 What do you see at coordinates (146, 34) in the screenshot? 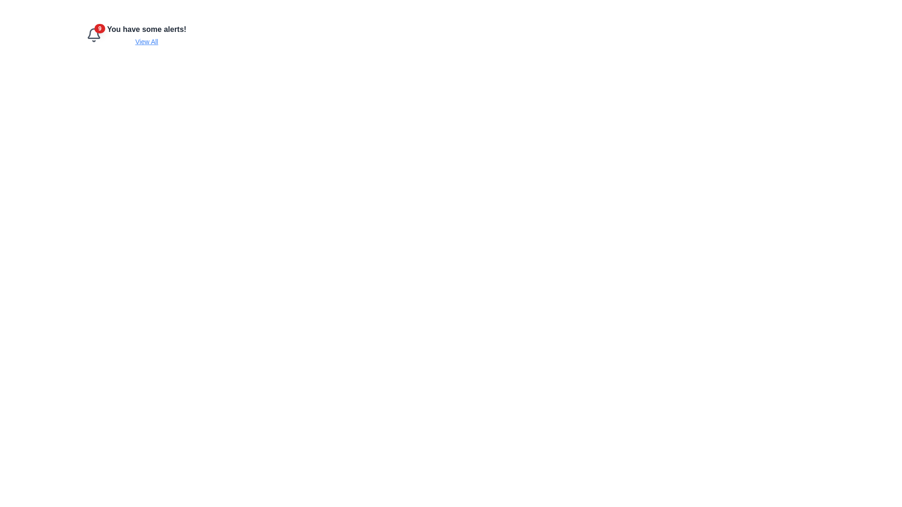
I see `the clickable link in the alert notification area that provides more details about pending alerts` at bounding box center [146, 34].